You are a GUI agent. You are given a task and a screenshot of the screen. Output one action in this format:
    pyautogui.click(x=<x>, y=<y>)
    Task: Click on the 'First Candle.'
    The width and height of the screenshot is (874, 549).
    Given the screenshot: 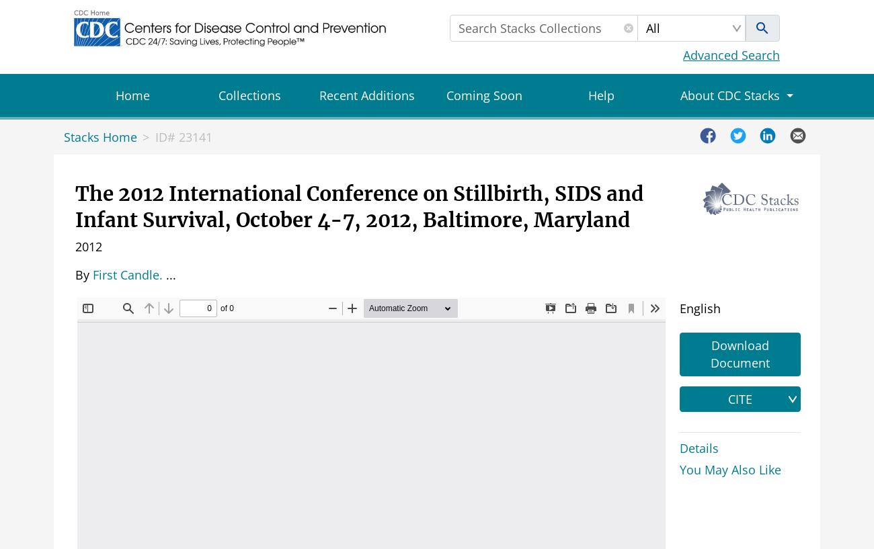 What is the action you would take?
    pyautogui.click(x=92, y=273)
    